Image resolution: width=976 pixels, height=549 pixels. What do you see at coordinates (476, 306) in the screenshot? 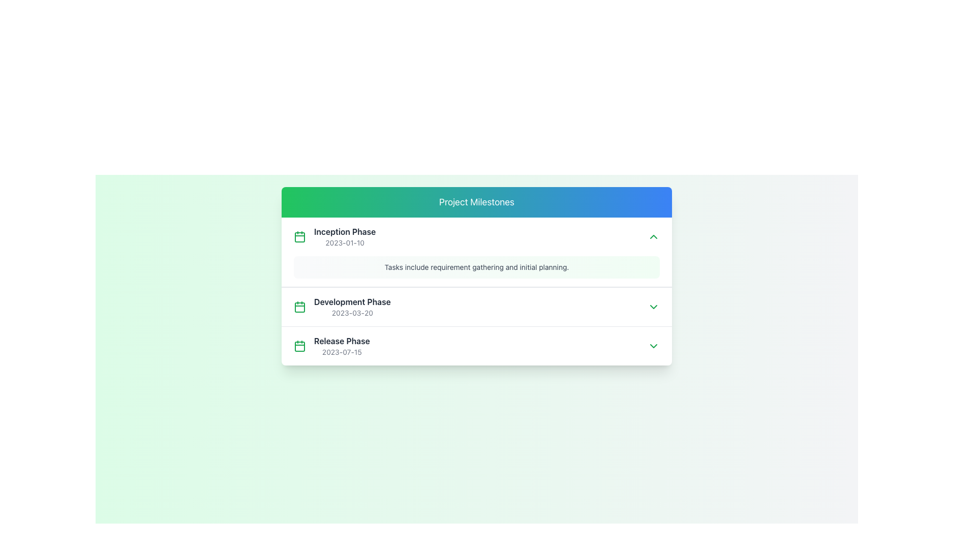
I see `the collapsible list item labeled 'Development Phase'` at bounding box center [476, 306].